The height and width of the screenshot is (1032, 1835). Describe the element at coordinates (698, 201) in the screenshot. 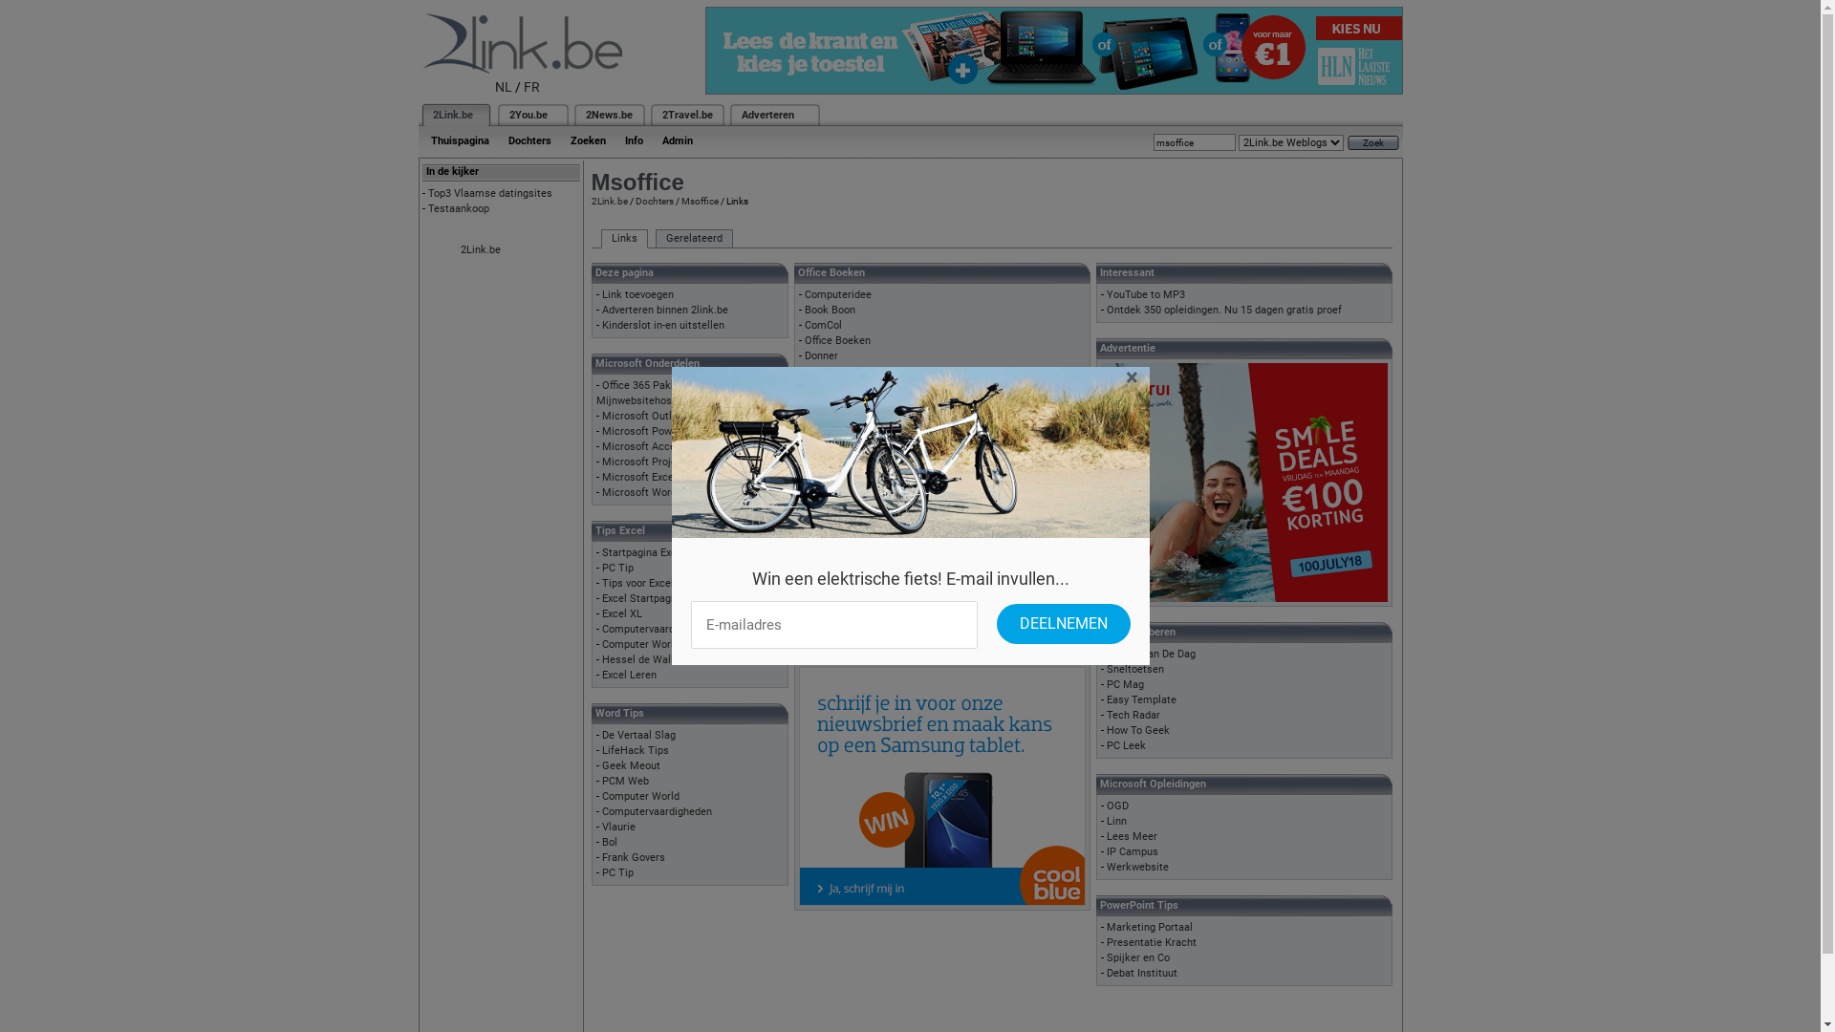

I see `'Msoffice'` at that location.